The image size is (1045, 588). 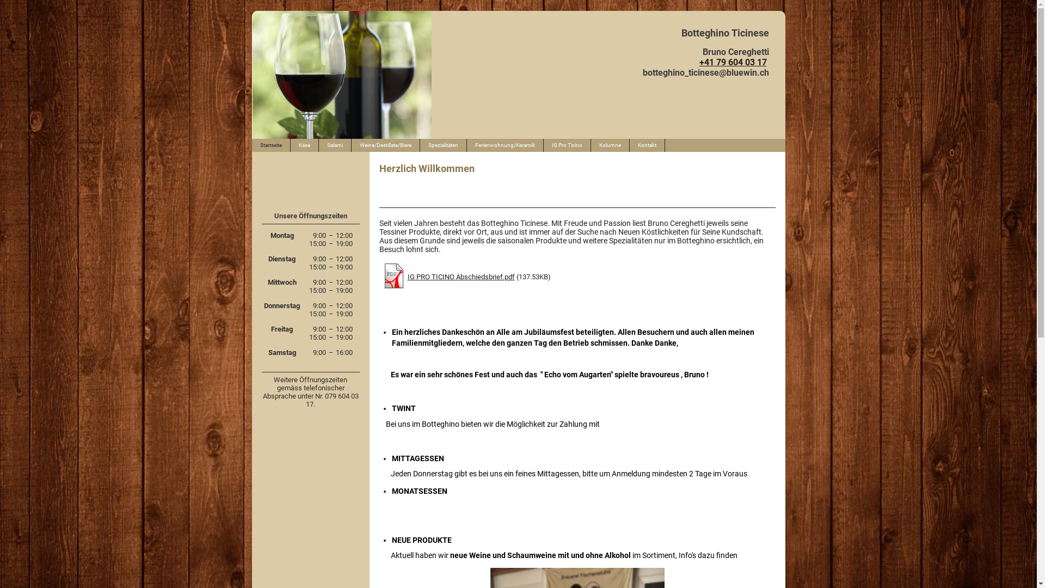 I want to click on 'Startseite', so click(x=271, y=144).